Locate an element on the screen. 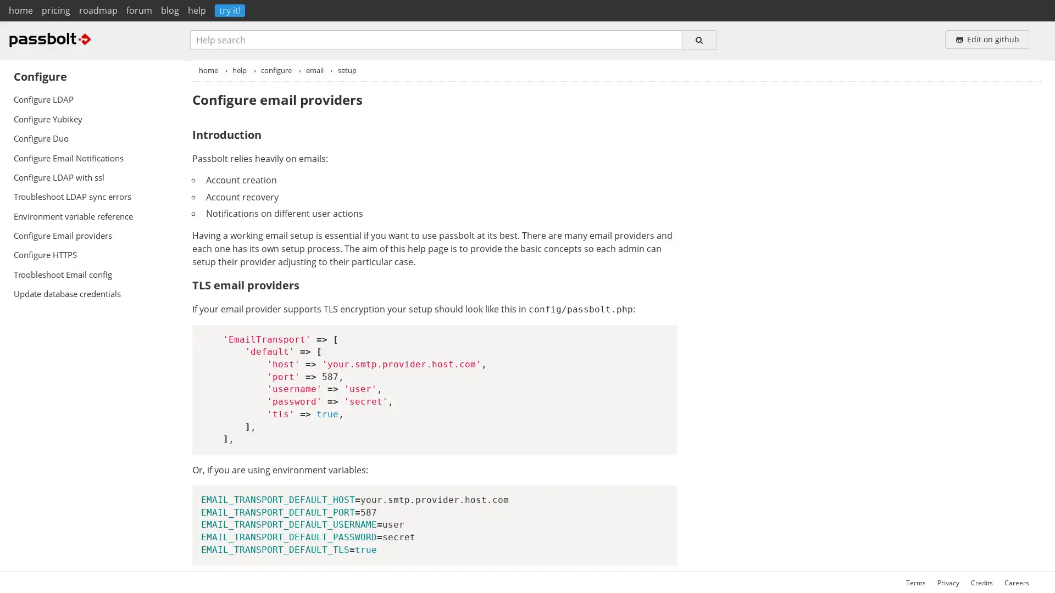 The image size is (1055, 593). search is located at coordinates (698, 39).